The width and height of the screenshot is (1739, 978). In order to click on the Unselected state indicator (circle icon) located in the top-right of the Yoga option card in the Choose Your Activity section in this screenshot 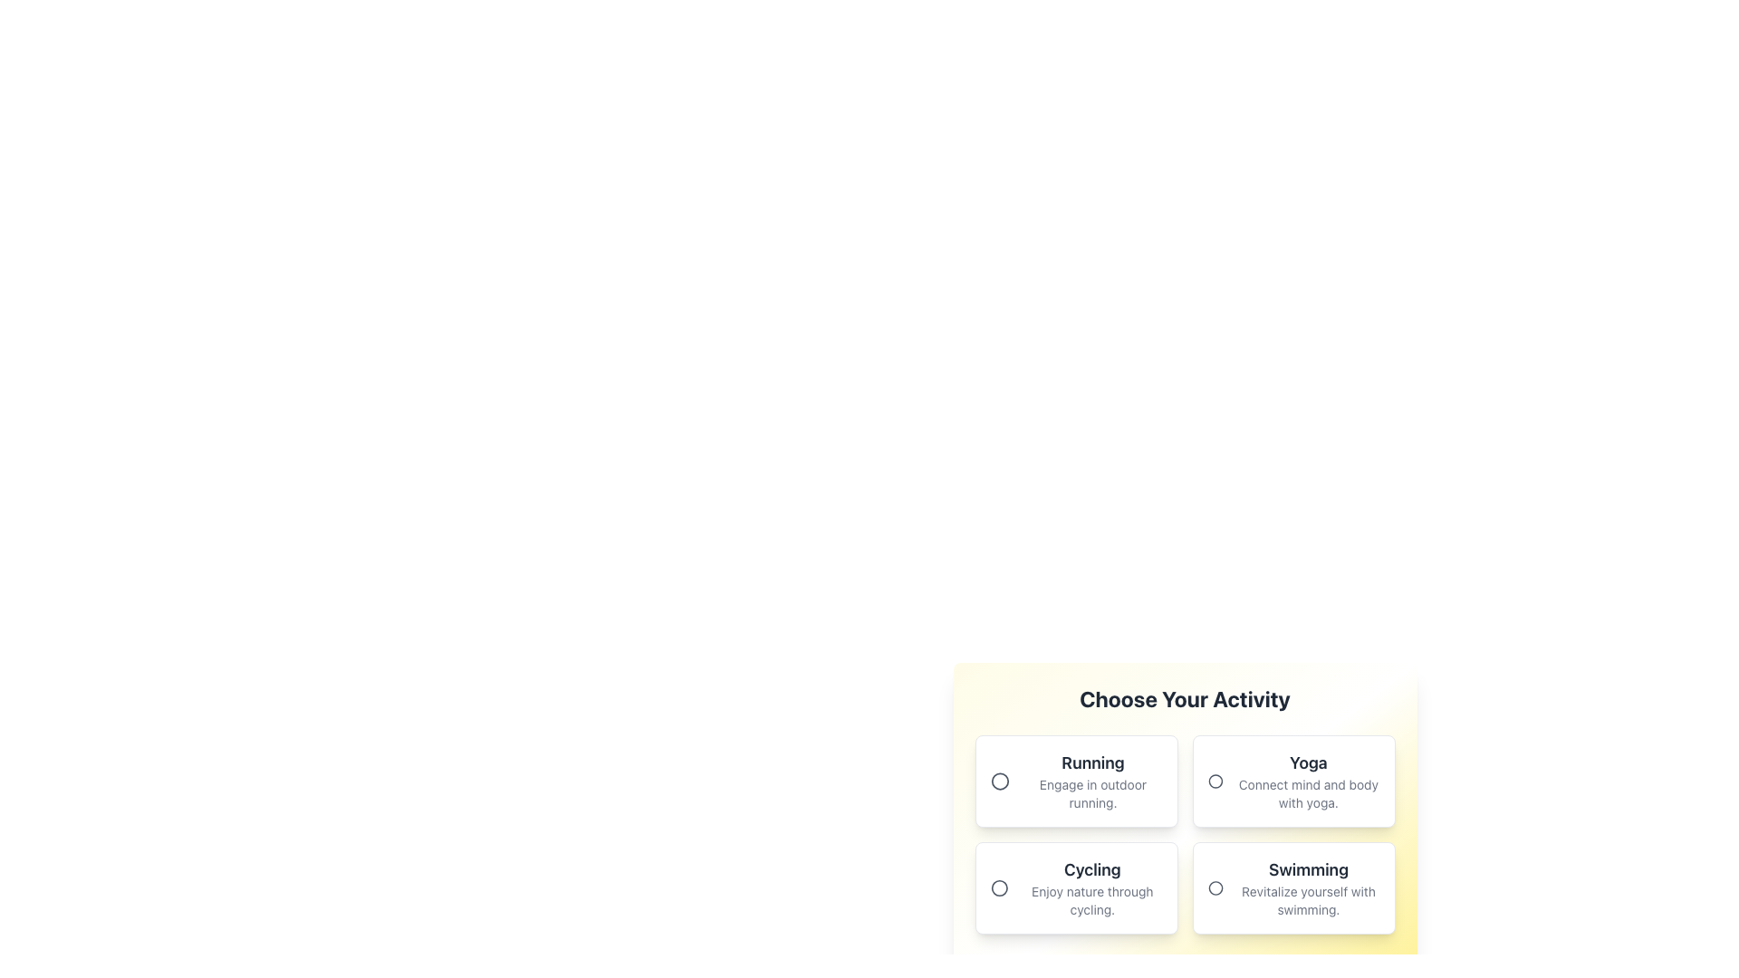, I will do `click(1215, 781)`.